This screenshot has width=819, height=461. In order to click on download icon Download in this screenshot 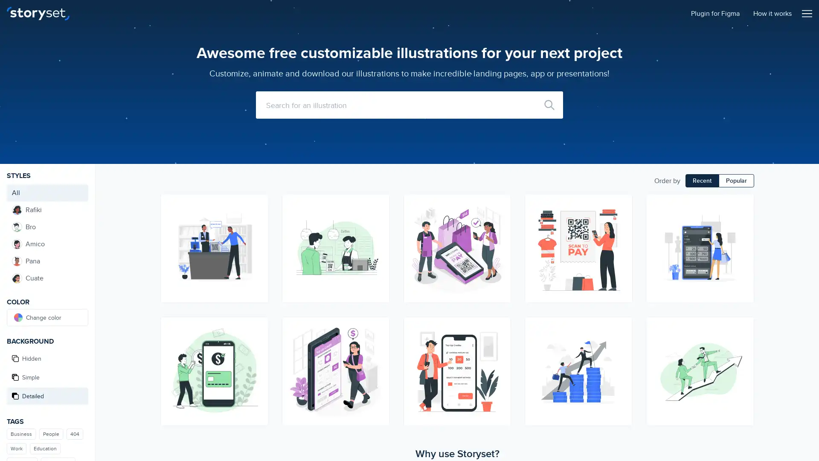, I will do `click(622, 342)`.